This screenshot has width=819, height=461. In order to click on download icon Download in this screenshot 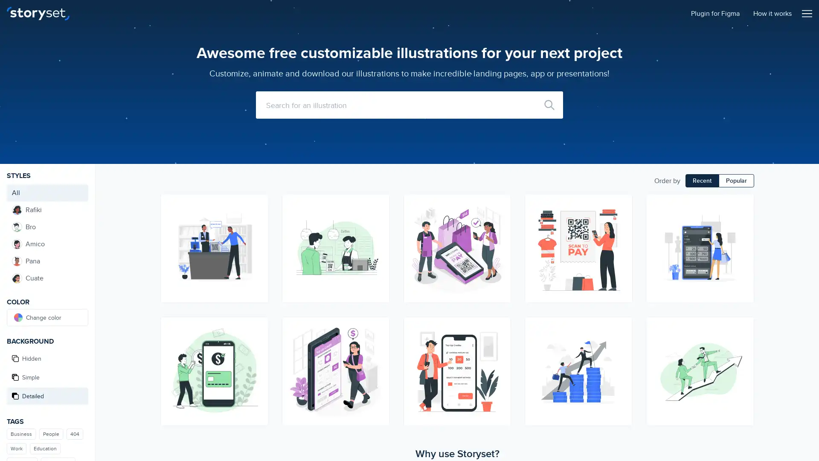, I will do `click(622, 342)`.